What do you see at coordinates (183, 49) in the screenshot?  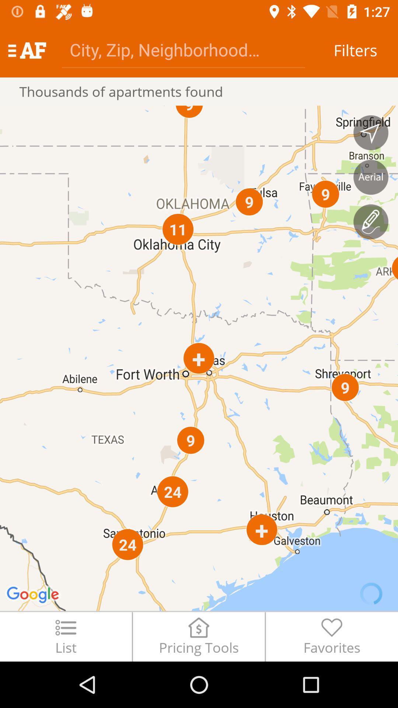 I see `the icon to the left of filters icon` at bounding box center [183, 49].